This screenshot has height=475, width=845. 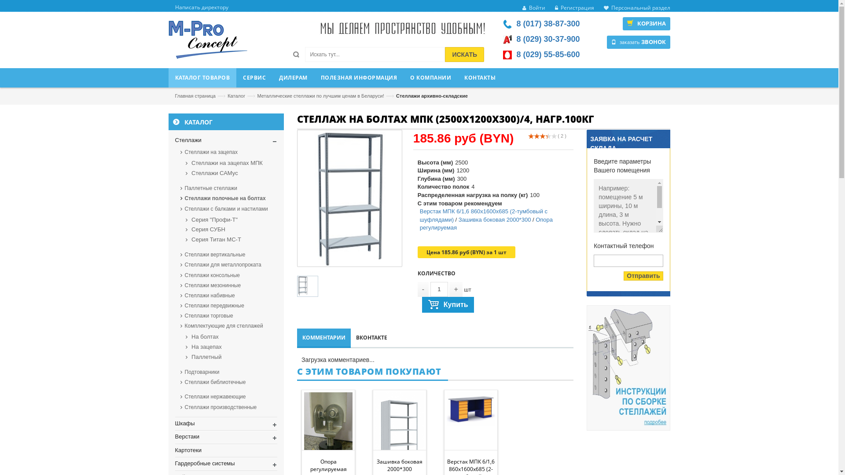 I want to click on '-', so click(x=423, y=289).